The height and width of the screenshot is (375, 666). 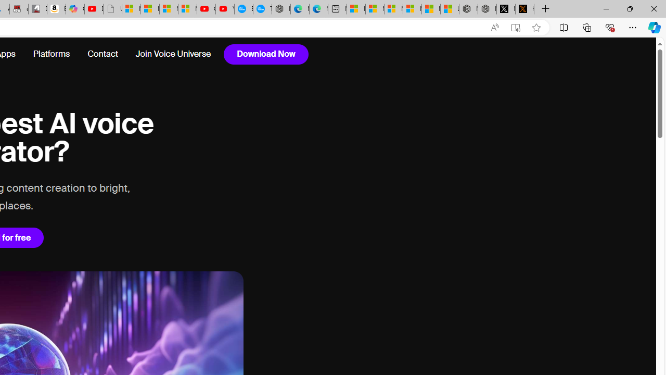 What do you see at coordinates (281, 9) in the screenshot?
I see `'Nordace - Nordace has arrived Hong Kong'` at bounding box center [281, 9].